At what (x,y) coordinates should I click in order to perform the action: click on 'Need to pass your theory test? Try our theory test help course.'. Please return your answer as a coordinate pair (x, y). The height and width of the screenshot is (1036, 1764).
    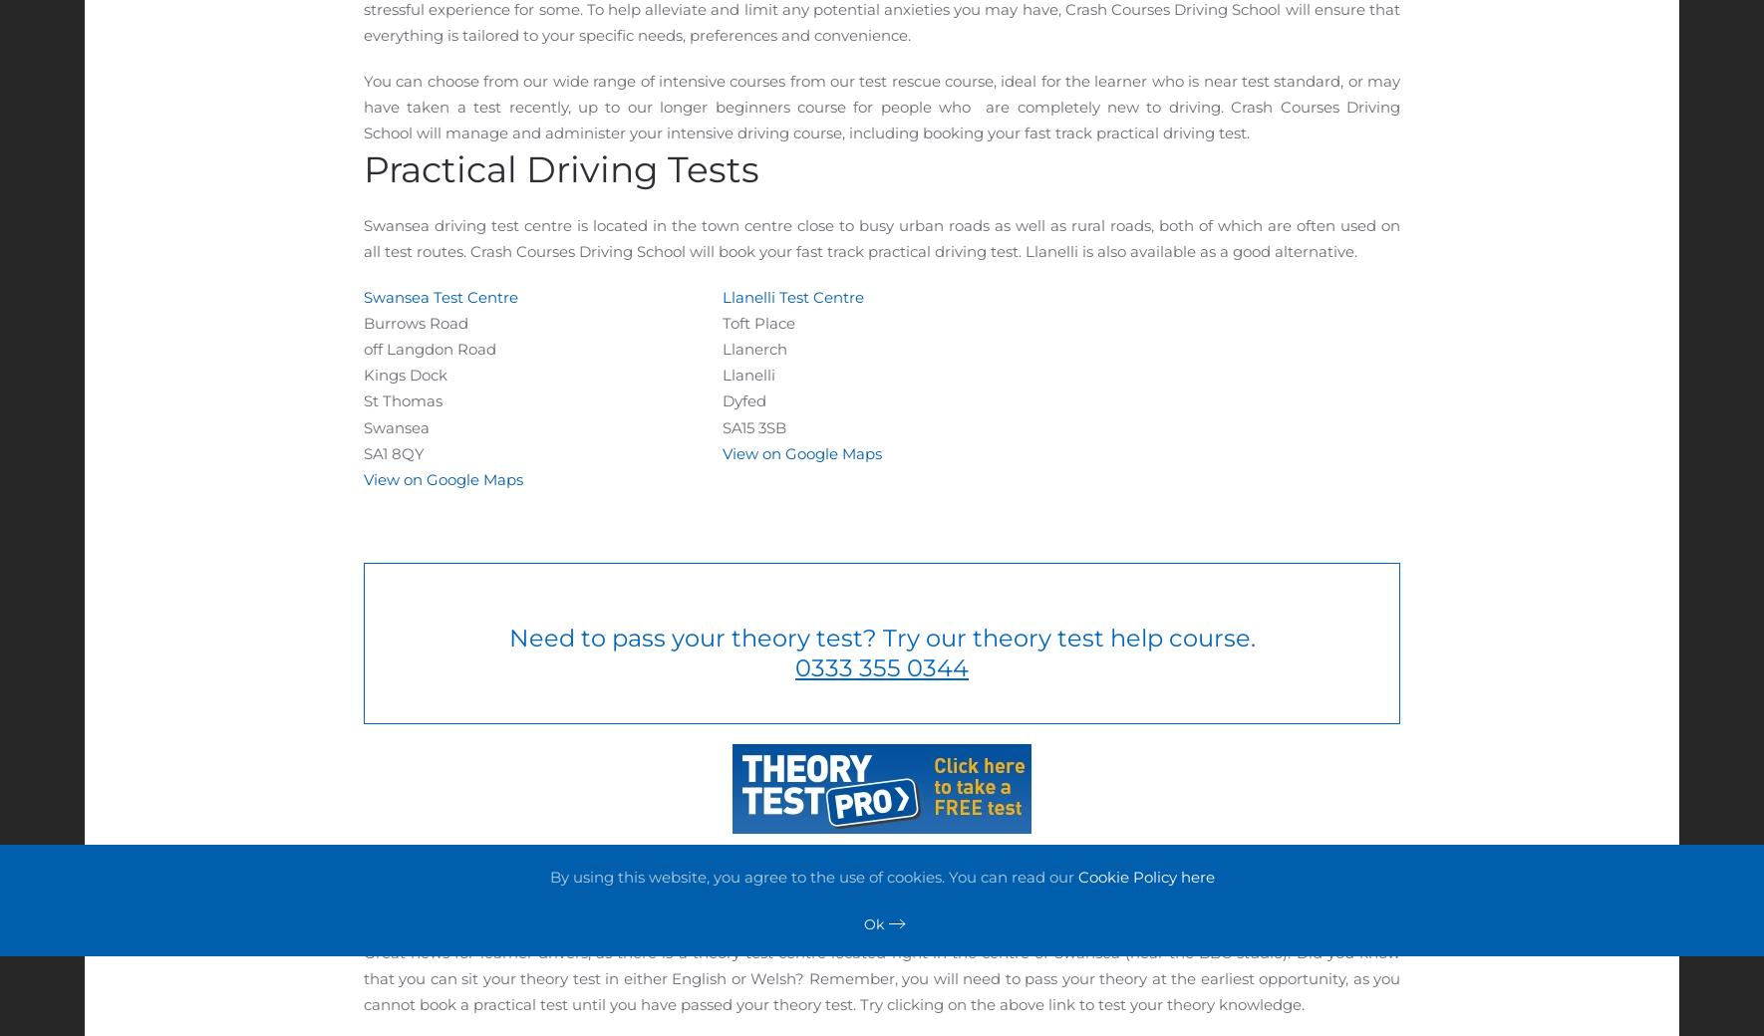
    Looking at the image, I should click on (881, 636).